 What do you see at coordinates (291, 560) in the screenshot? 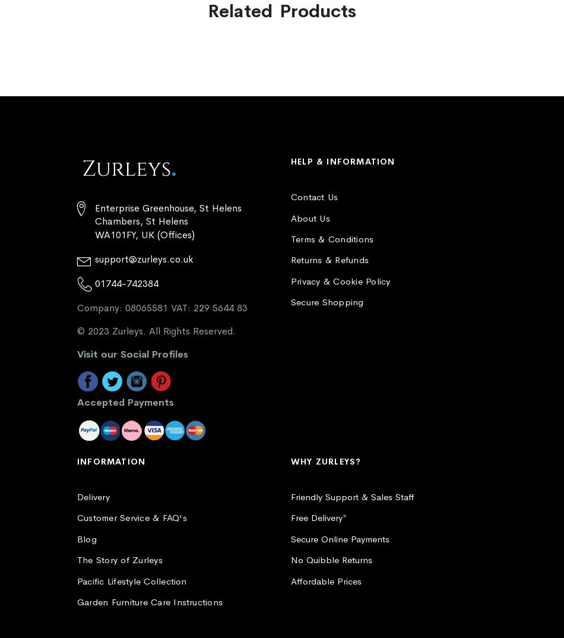
I see `'No Quibble Returns'` at bounding box center [291, 560].